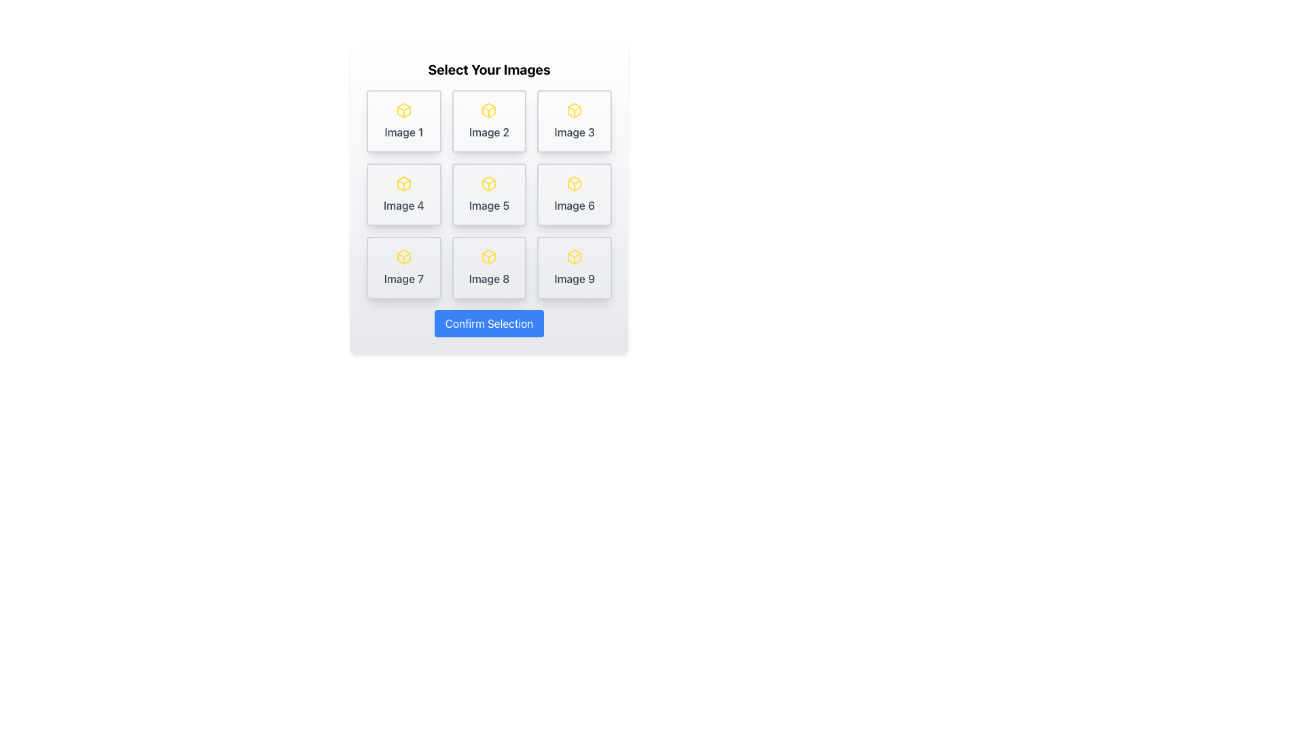 The image size is (1304, 733). I want to click on text label located in the second row and second column of a 3x3 grid, positioned below an icon element and within a box with a rounded border, so click(489, 206).